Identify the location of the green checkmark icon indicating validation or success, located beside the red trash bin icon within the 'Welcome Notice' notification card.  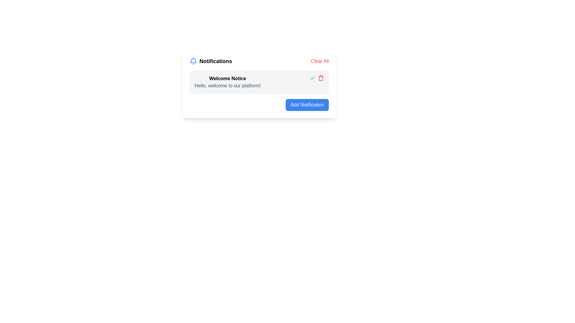
(312, 77).